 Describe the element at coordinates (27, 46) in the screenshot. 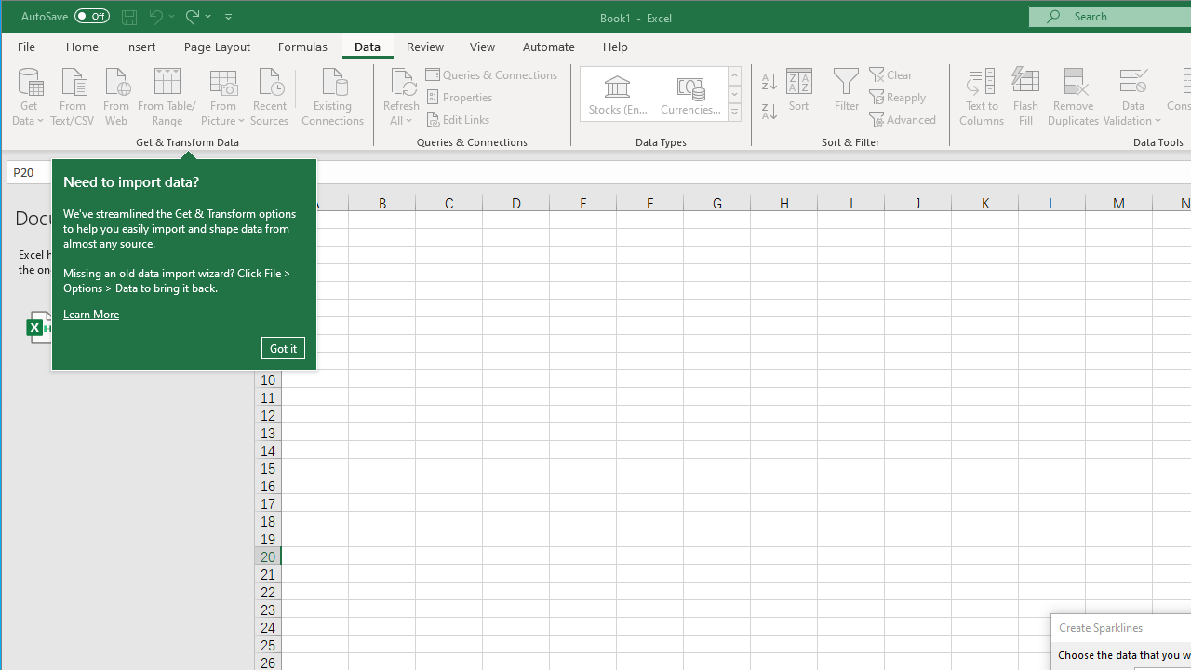

I see `'File Tab'` at that location.